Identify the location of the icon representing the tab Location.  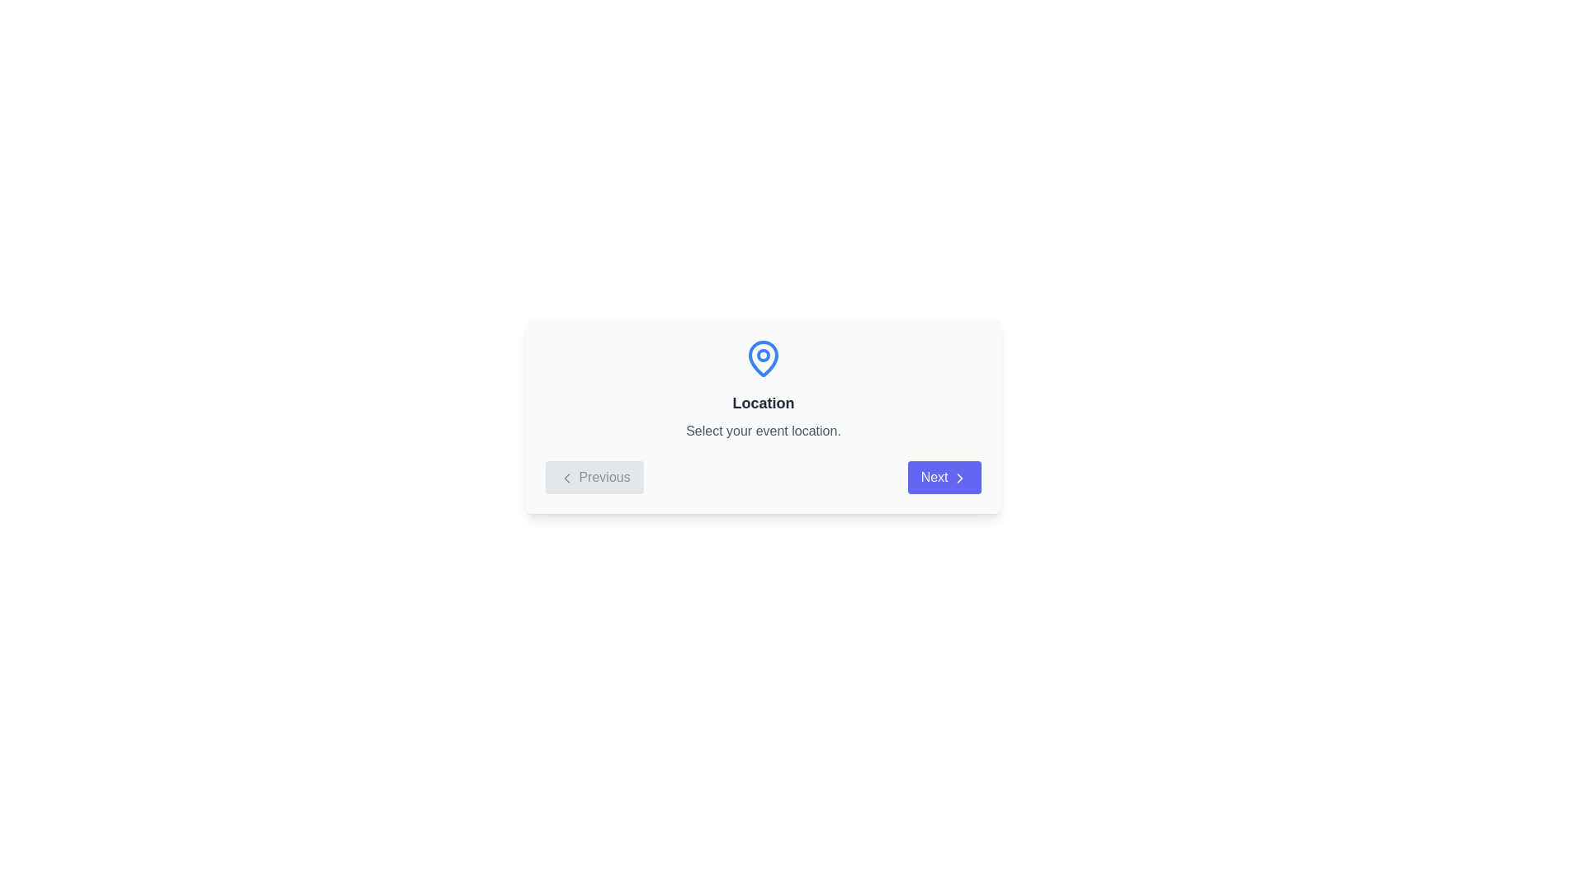
(763, 358).